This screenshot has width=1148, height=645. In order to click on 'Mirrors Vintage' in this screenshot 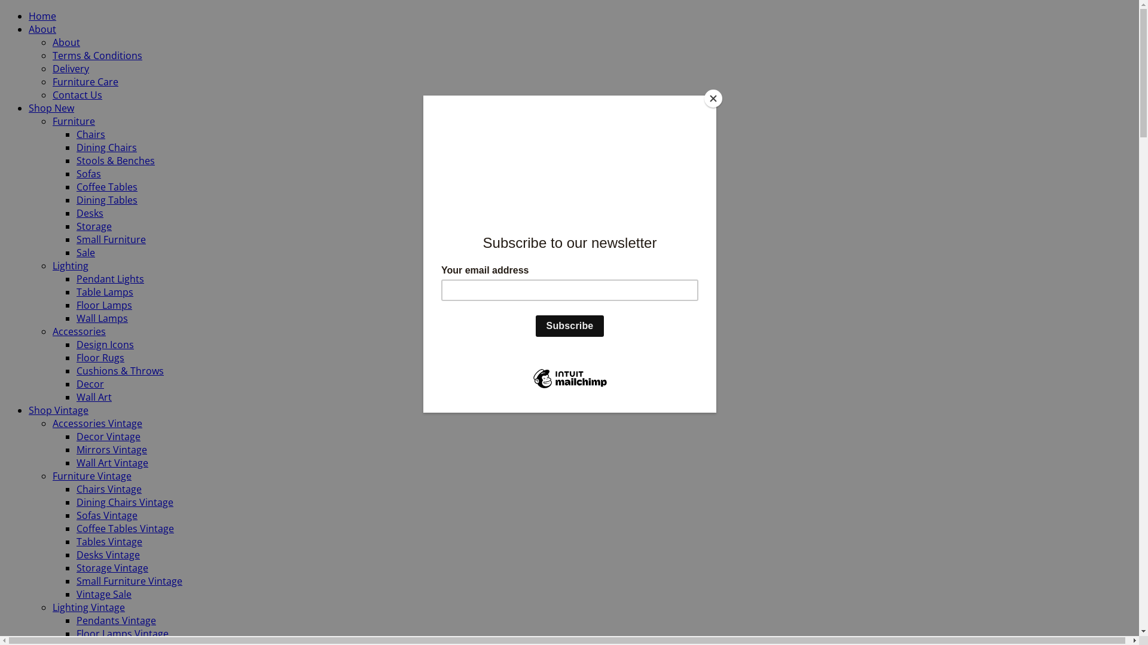, I will do `click(112, 449)`.